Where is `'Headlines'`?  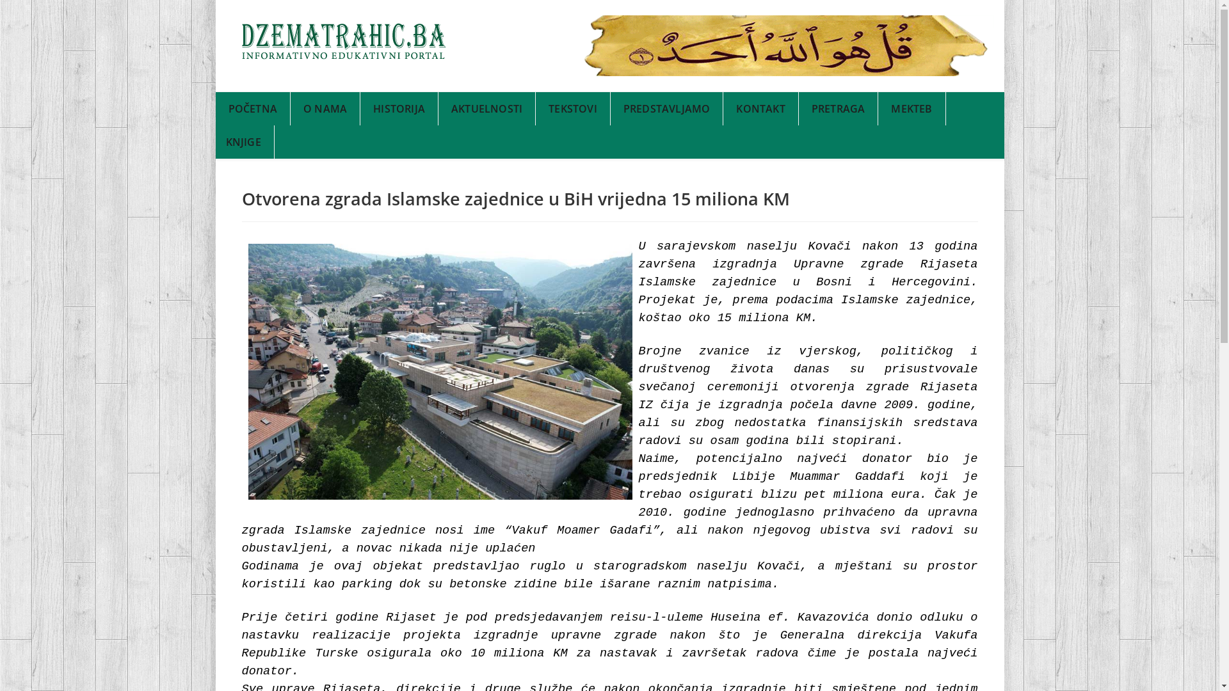
'Headlines' is located at coordinates (242, 41).